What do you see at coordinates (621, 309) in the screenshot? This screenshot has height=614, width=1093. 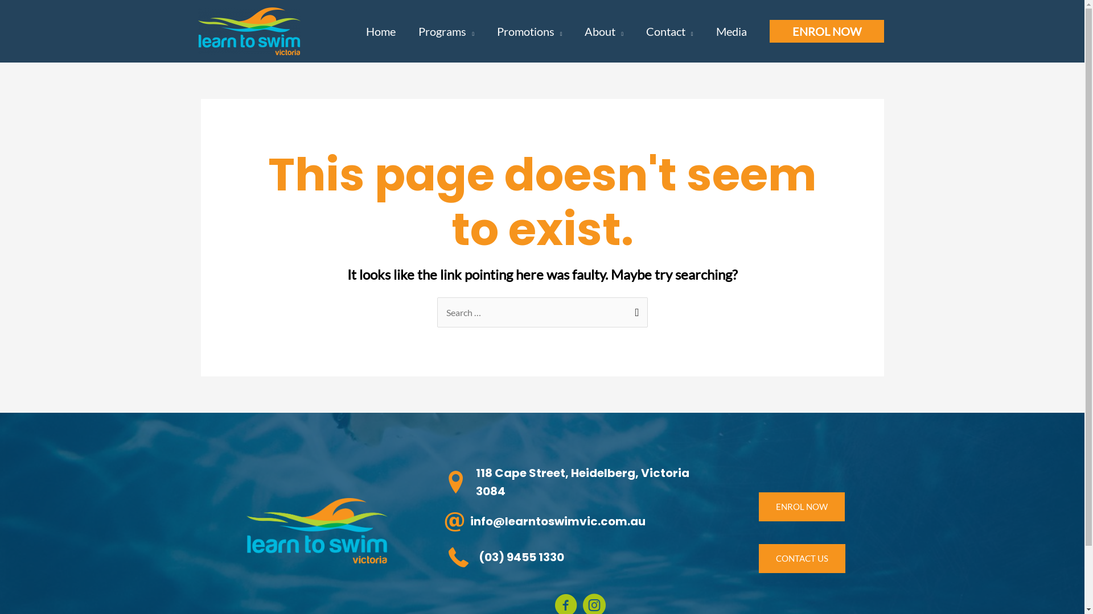 I see `'Search'` at bounding box center [621, 309].